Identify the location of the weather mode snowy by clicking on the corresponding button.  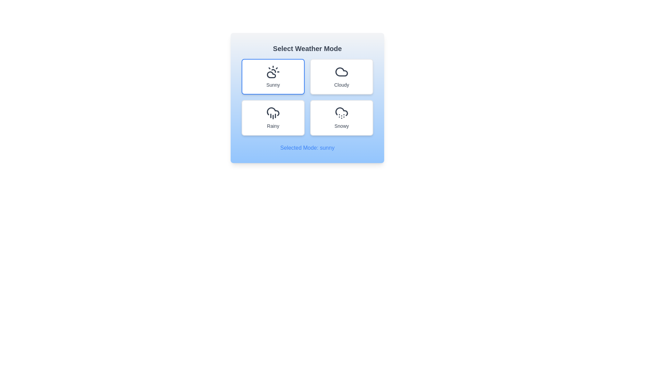
(342, 117).